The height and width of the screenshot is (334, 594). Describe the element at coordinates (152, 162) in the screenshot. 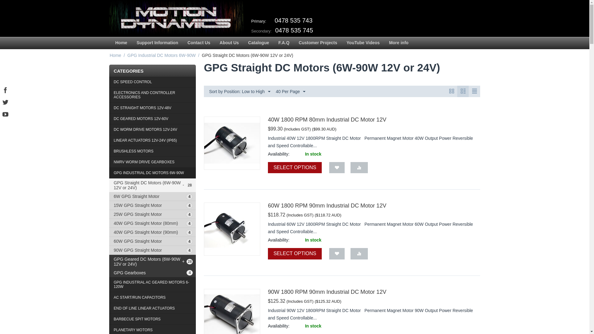

I see `'NMRV WORM DRIVE GEARBOXES'` at that location.